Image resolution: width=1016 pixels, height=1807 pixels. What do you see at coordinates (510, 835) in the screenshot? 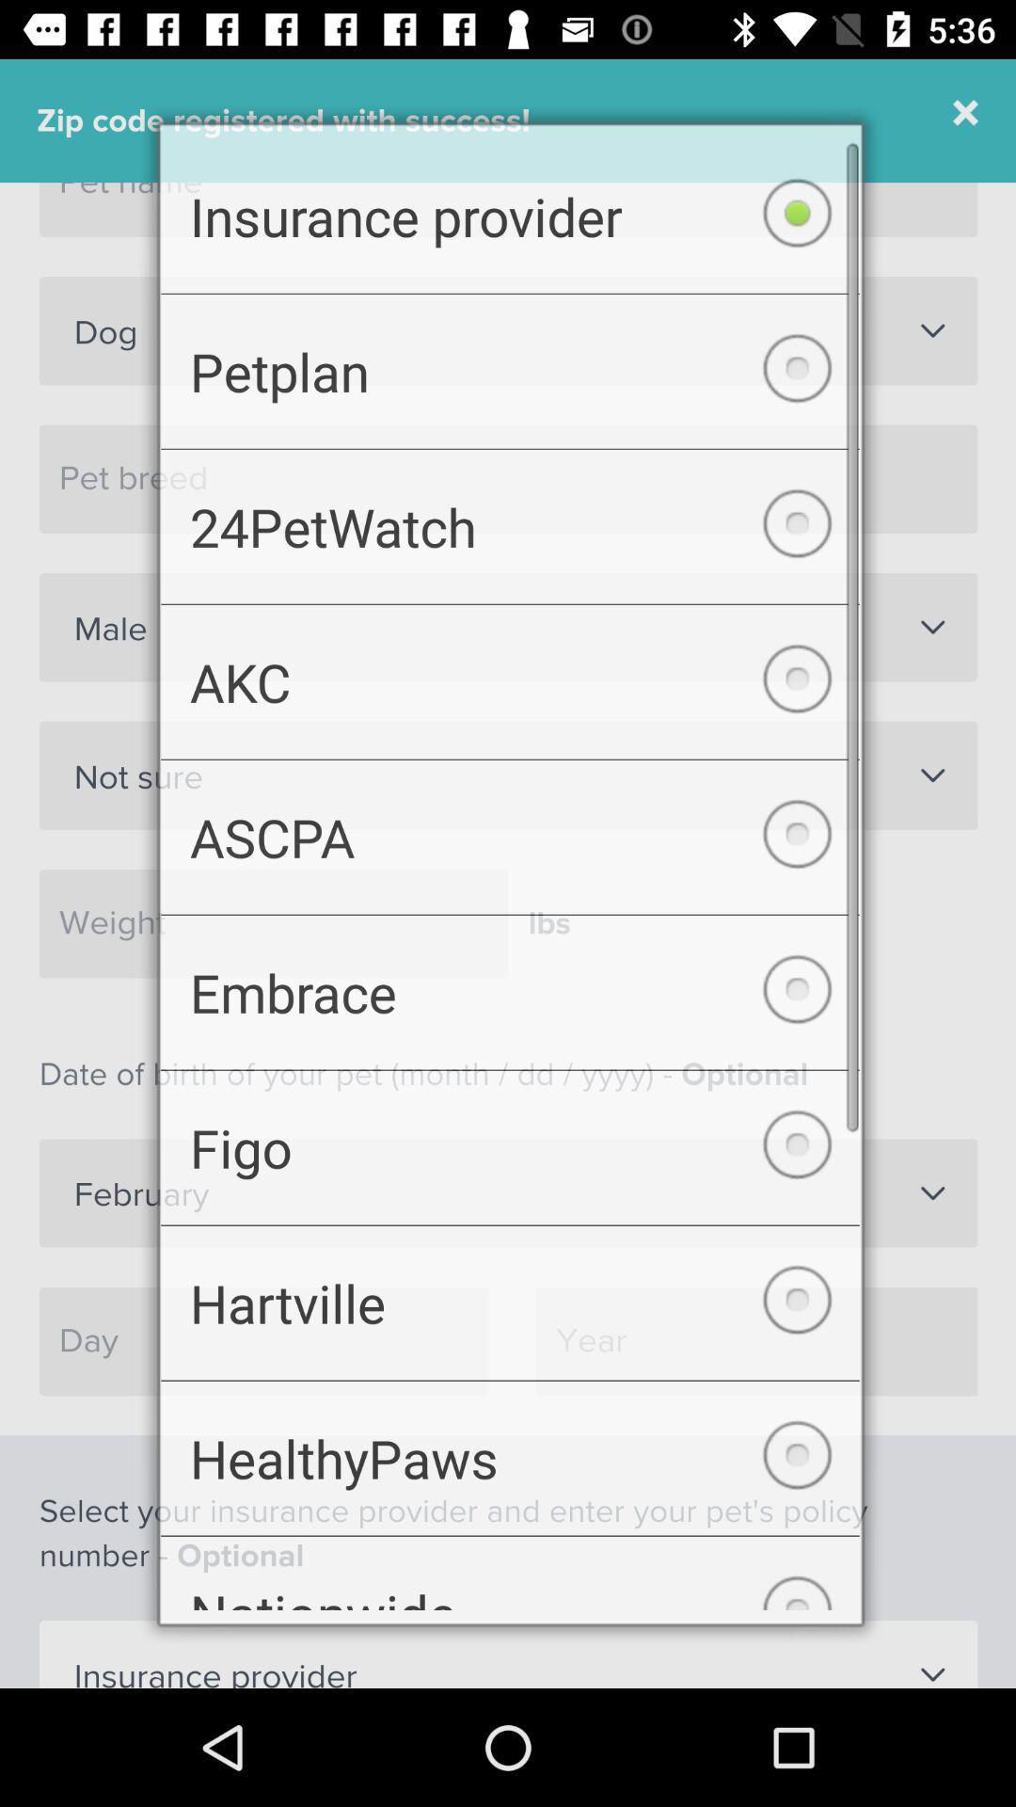
I see `ascpa icon` at bounding box center [510, 835].